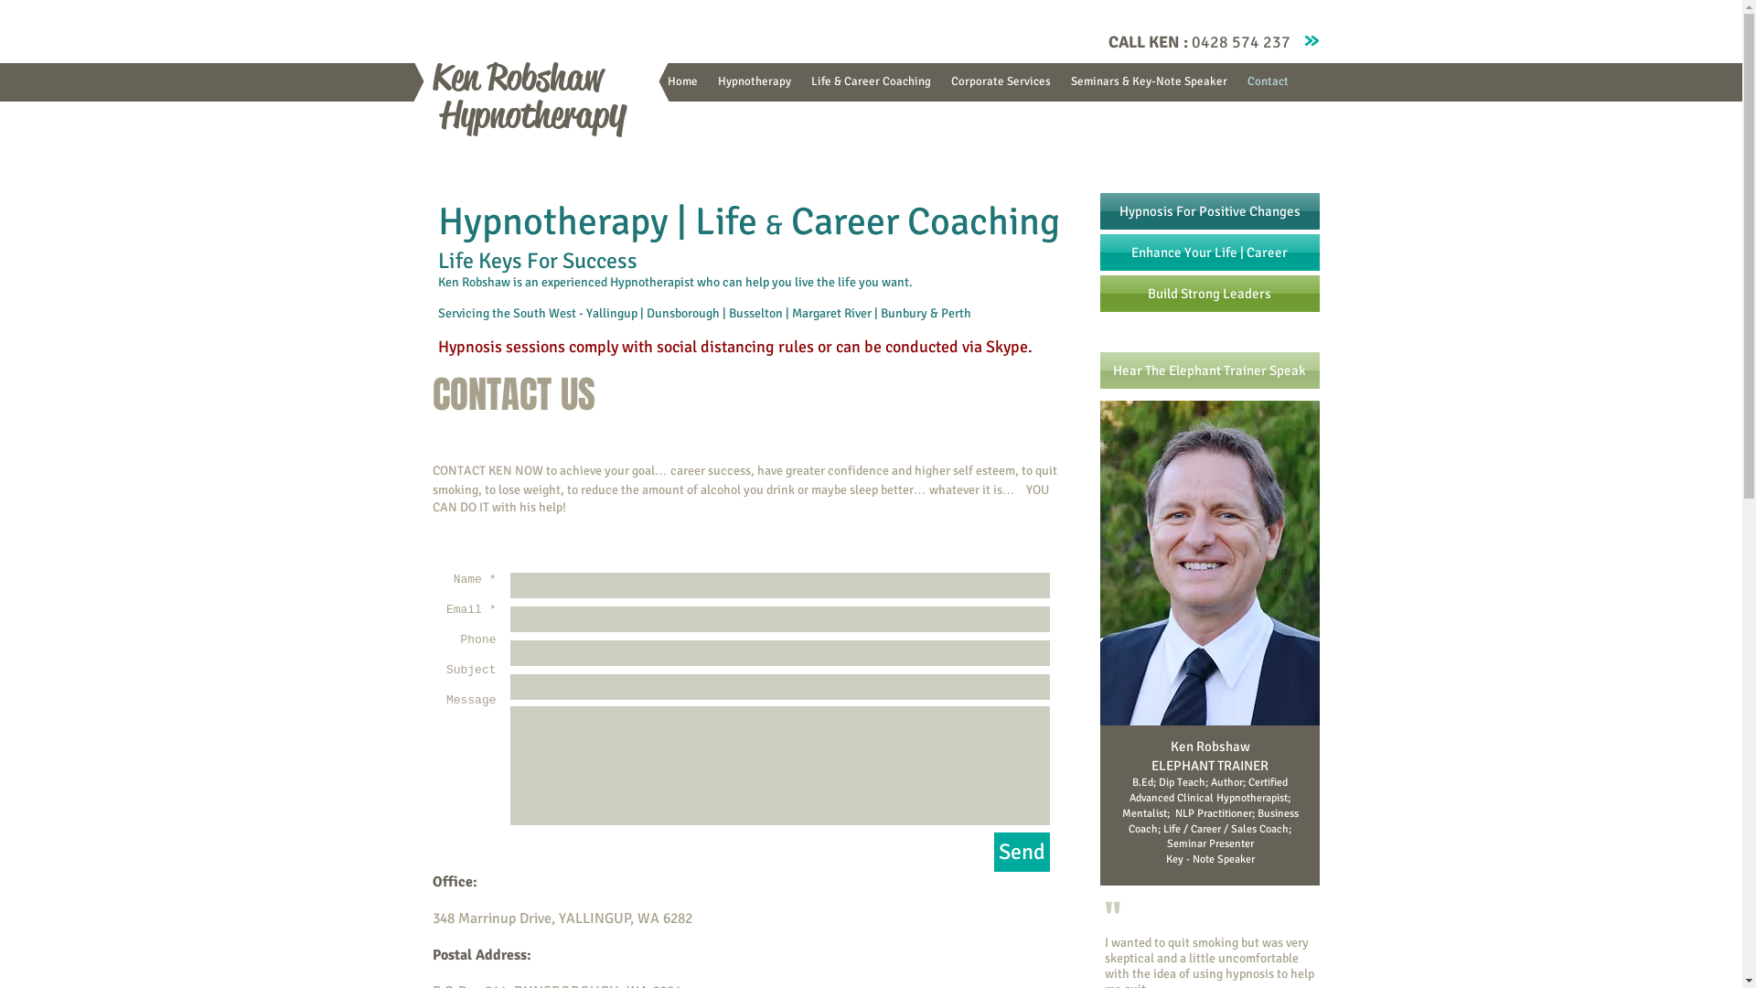  I want to click on 'Build Strong Leaders', so click(1208, 292).